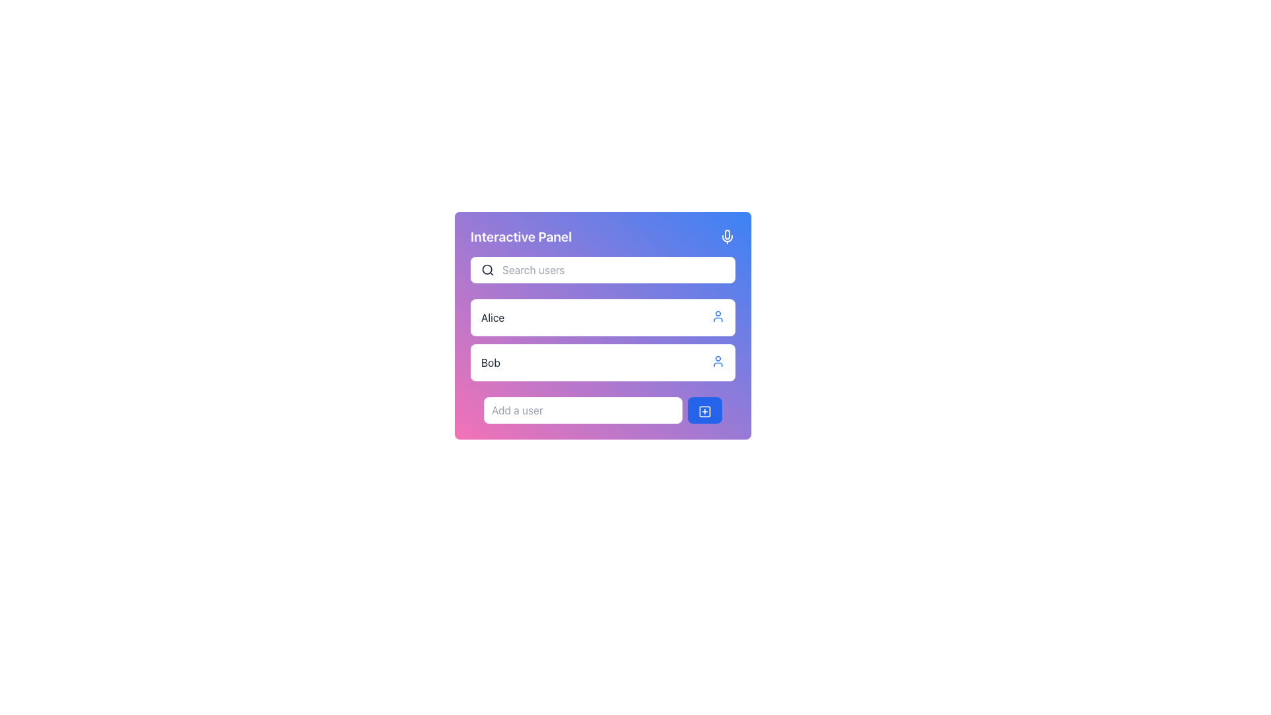 This screenshot has height=715, width=1271. What do you see at coordinates (520, 236) in the screenshot?
I see `the Label that serves as the title for the gradient-themed panel, positioned horizontally aligned to the left and above the search bar` at bounding box center [520, 236].